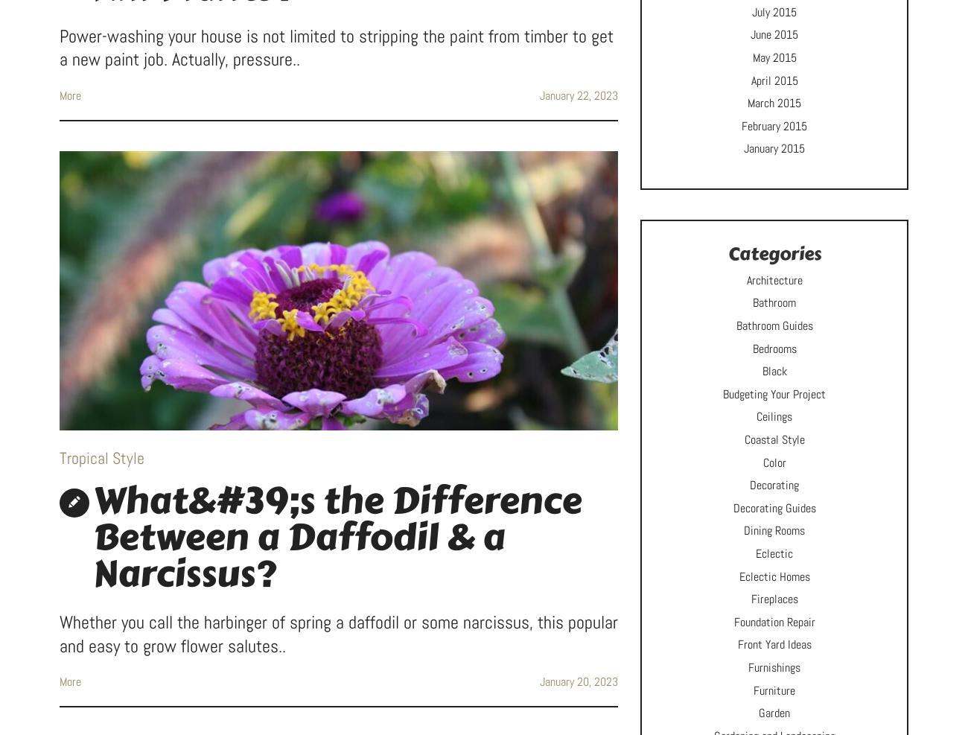 The image size is (968, 735). What do you see at coordinates (337, 632) in the screenshot?
I see `'Whether you call the harbinger of spring a daffodil or some narcissus, this popular and easy to grow flower salutes..'` at bounding box center [337, 632].